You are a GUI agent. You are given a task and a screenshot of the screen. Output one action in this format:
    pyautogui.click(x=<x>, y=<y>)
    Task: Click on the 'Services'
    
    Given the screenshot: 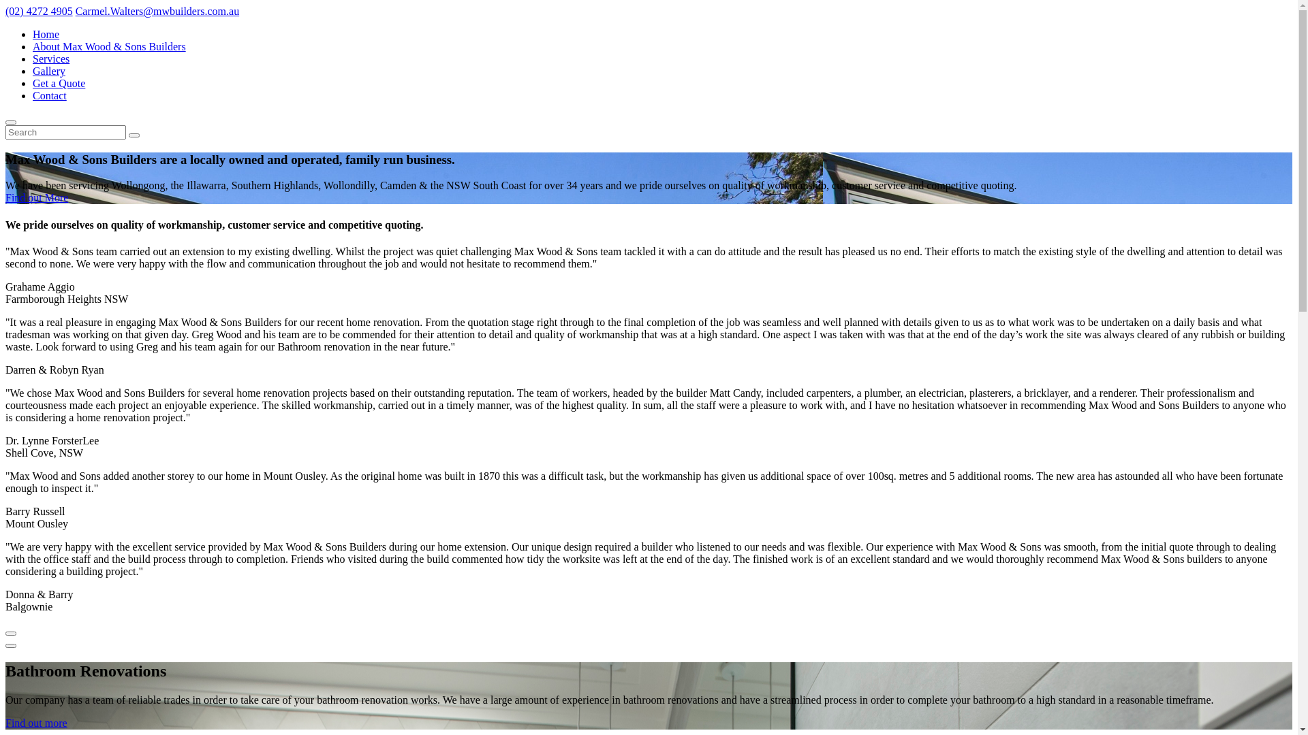 What is the action you would take?
    pyautogui.click(x=51, y=58)
    